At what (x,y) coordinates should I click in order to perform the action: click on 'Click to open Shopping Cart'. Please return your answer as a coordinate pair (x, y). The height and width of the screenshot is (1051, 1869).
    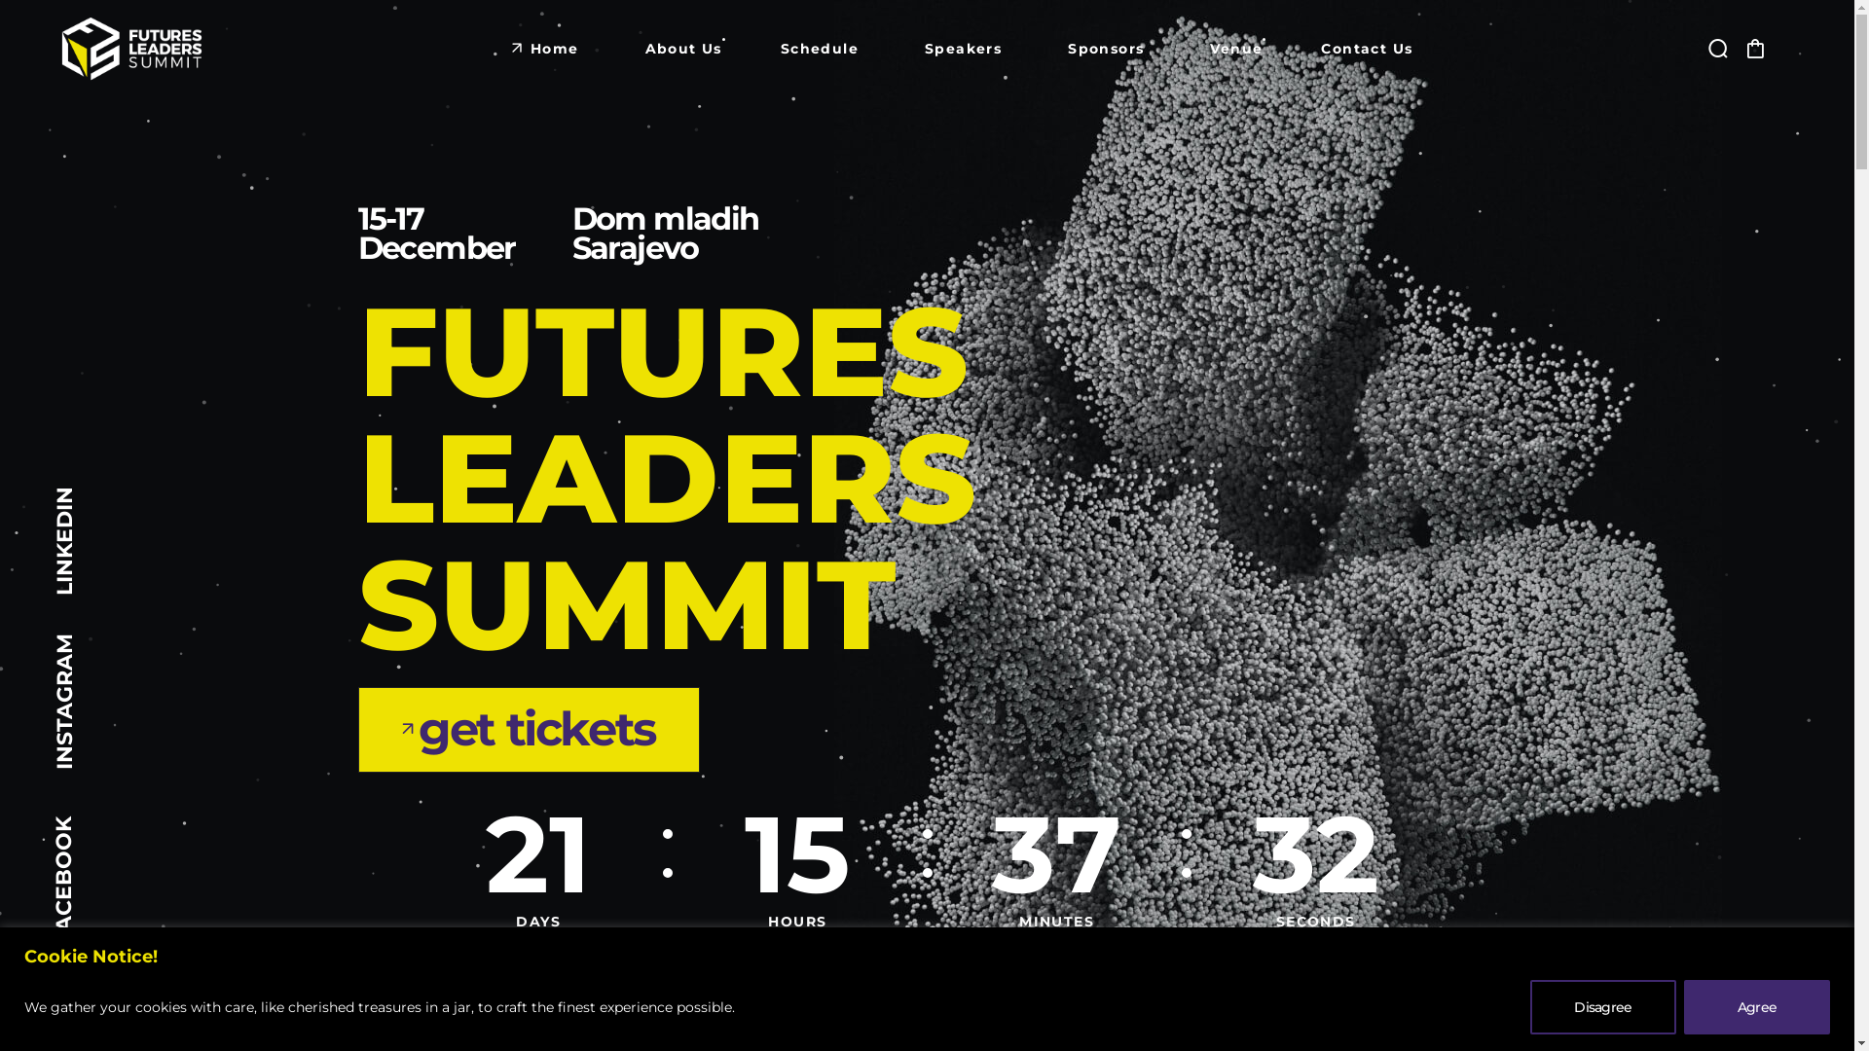
    Looking at the image, I should click on (1755, 48).